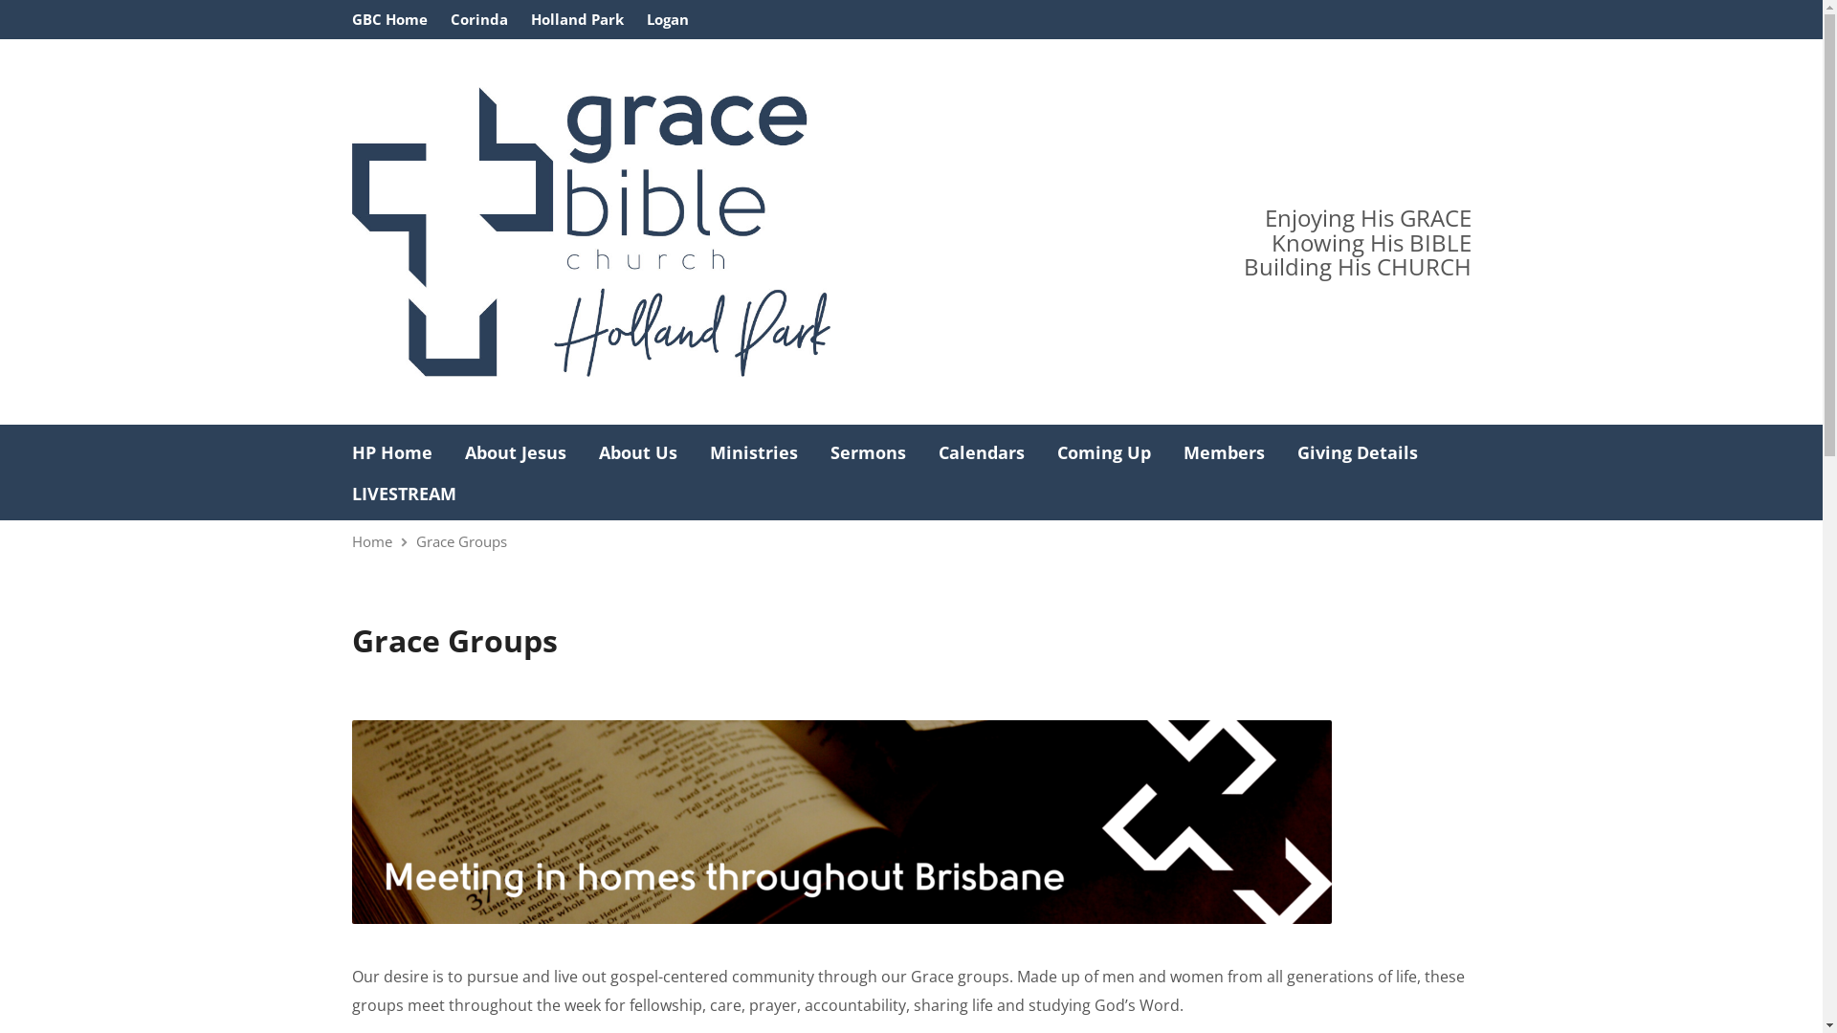 The image size is (1837, 1033). I want to click on 'Giving Details', so click(1357, 452).